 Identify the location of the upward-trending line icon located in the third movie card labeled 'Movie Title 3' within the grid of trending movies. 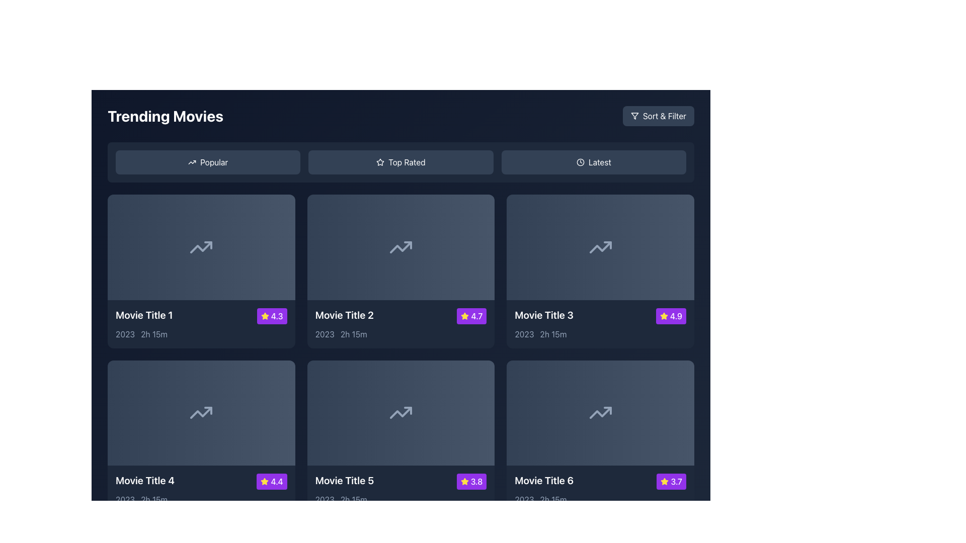
(600, 247).